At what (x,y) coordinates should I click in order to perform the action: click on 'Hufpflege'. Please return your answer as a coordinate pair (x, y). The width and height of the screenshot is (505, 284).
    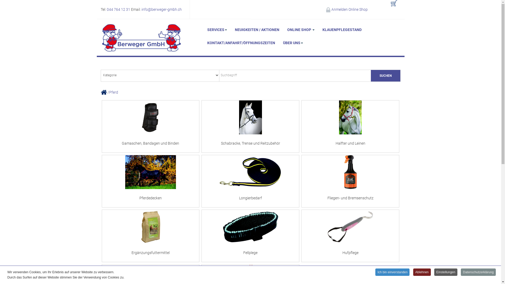
    Looking at the image, I should click on (350, 236).